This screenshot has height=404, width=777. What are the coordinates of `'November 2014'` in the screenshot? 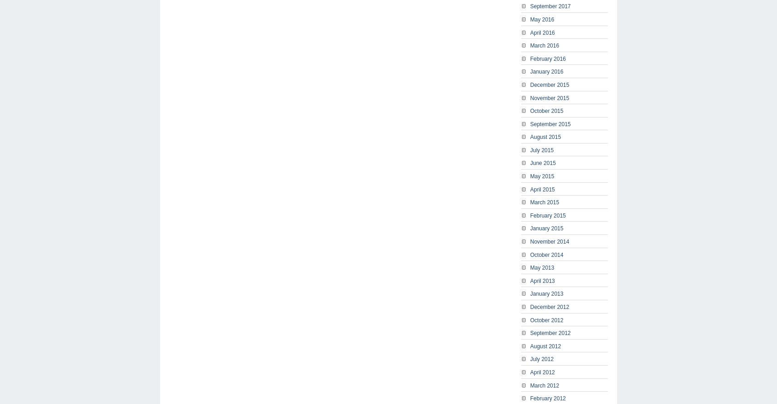 It's located at (549, 241).